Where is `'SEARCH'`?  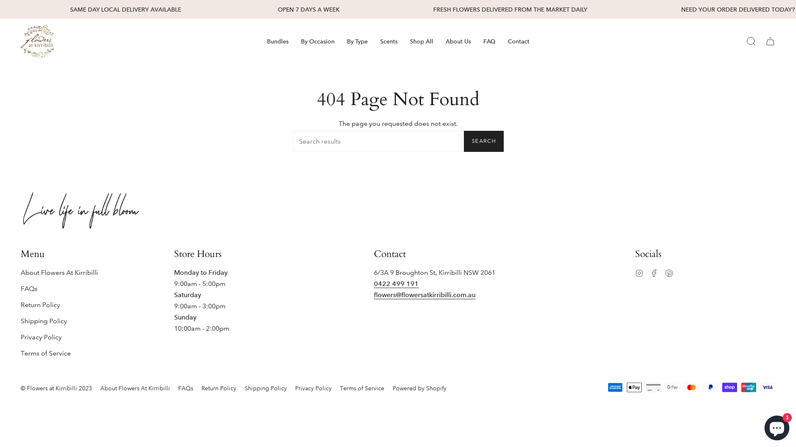 'SEARCH' is located at coordinates (463, 141).